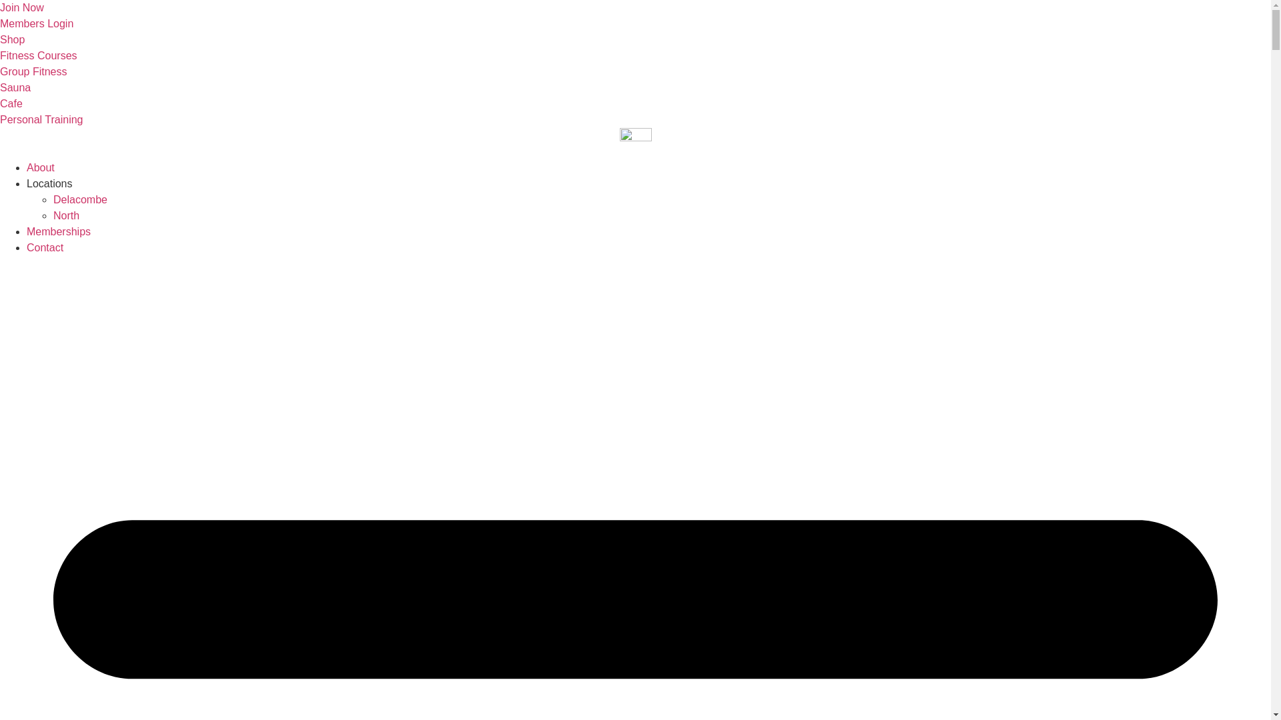 Image resolution: width=1281 pixels, height=720 pixels. What do you see at coordinates (49, 183) in the screenshot?
I see `'Locations'` at bounding box center [49, 183].